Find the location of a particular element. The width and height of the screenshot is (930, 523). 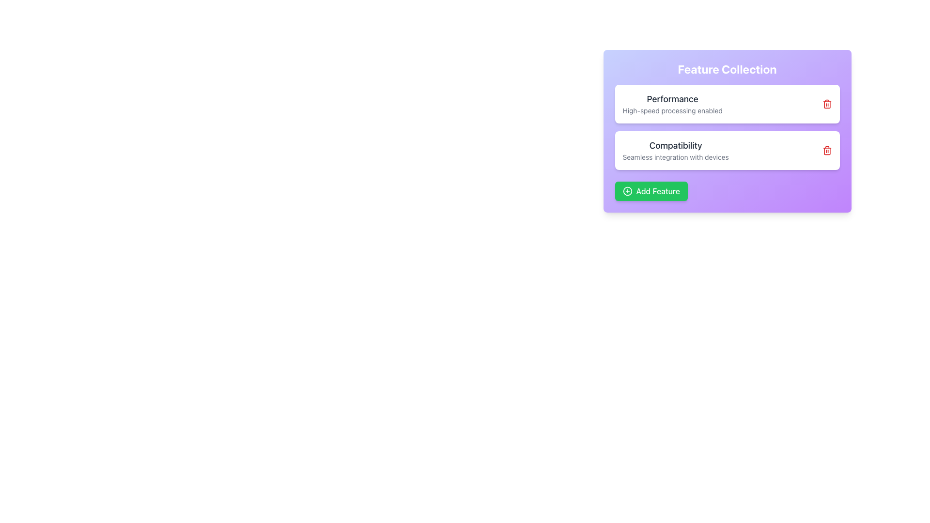

the red trash bin icon located at the top-right corner of the 'Performance' card is located at coordinates (826, 104).